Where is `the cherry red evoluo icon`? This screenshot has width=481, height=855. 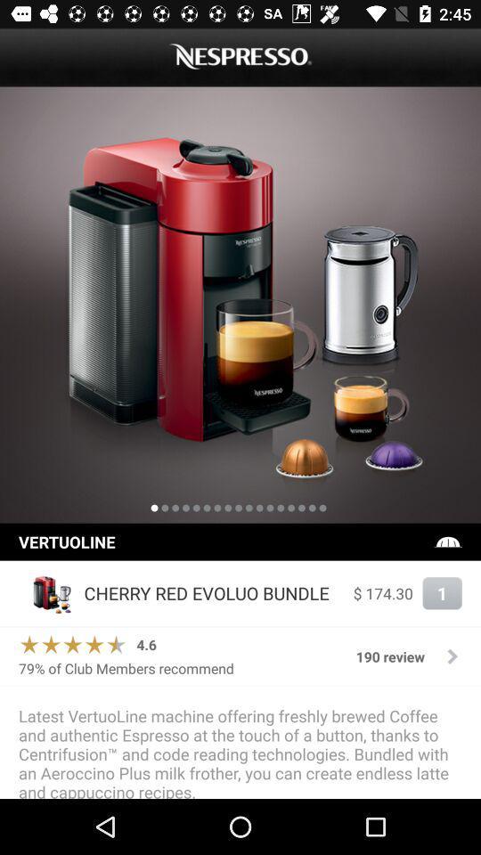 the cherry red evoluo icon is located at coordinates (214, 593).